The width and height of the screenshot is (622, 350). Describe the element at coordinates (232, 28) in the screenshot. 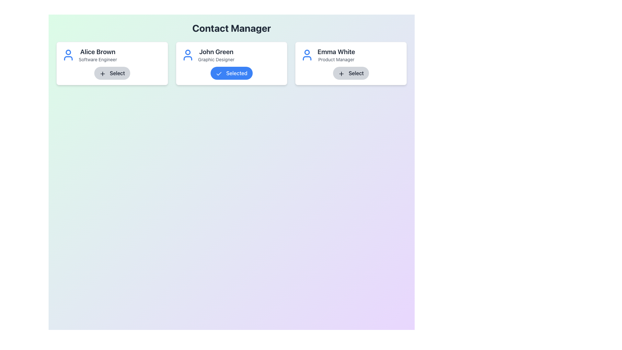

I see `the central Text Label or Header that indicates the purpose of the contact manager interface, positioned above the user profile cards` at that location.